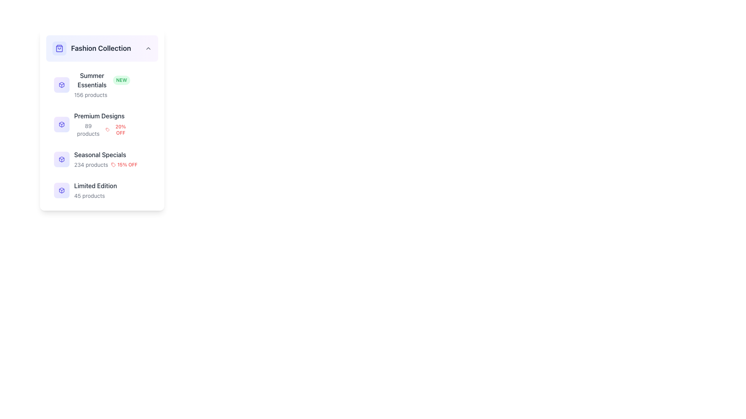 The width and height of the screenshot is (746, 419). I want to click on the 'Summer Essentials' category listing element, which displays the title 'Summer Essentials' with a 'NEW' badge and shows '156 products' in smaller gray text, located within the 'Fashion Collection' component, so click(102, 85).